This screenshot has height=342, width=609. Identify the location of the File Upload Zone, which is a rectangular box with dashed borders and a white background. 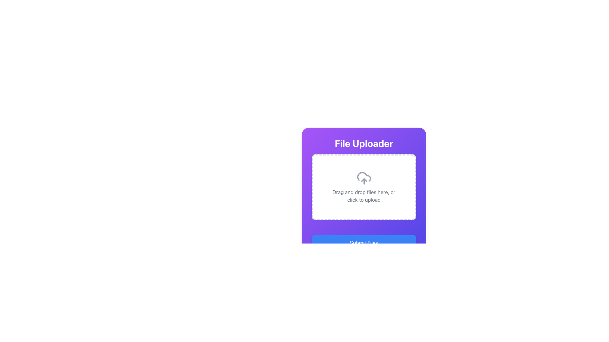
(364, 187).